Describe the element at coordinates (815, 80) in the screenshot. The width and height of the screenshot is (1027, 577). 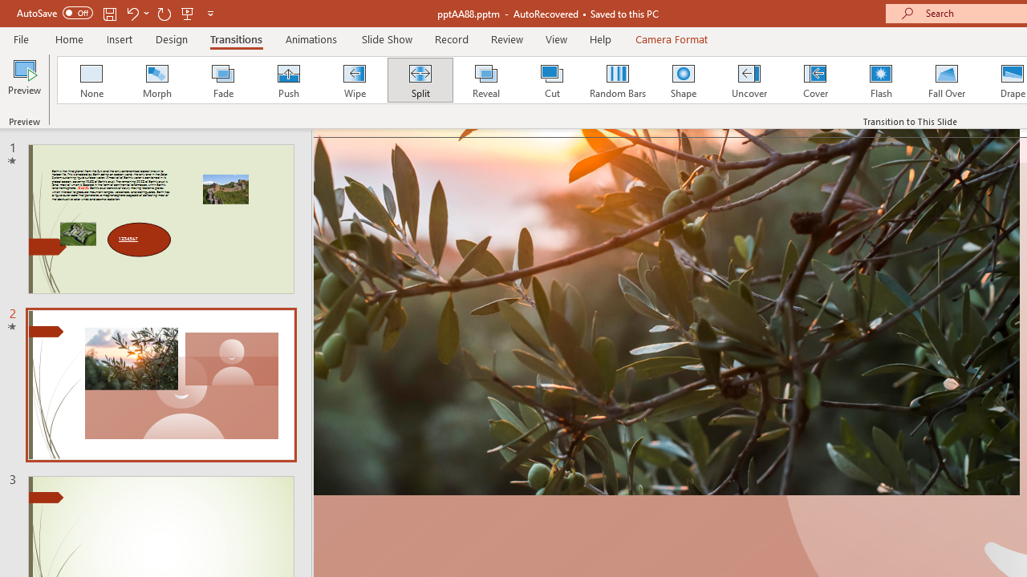
I see `'Cover'` at that location.